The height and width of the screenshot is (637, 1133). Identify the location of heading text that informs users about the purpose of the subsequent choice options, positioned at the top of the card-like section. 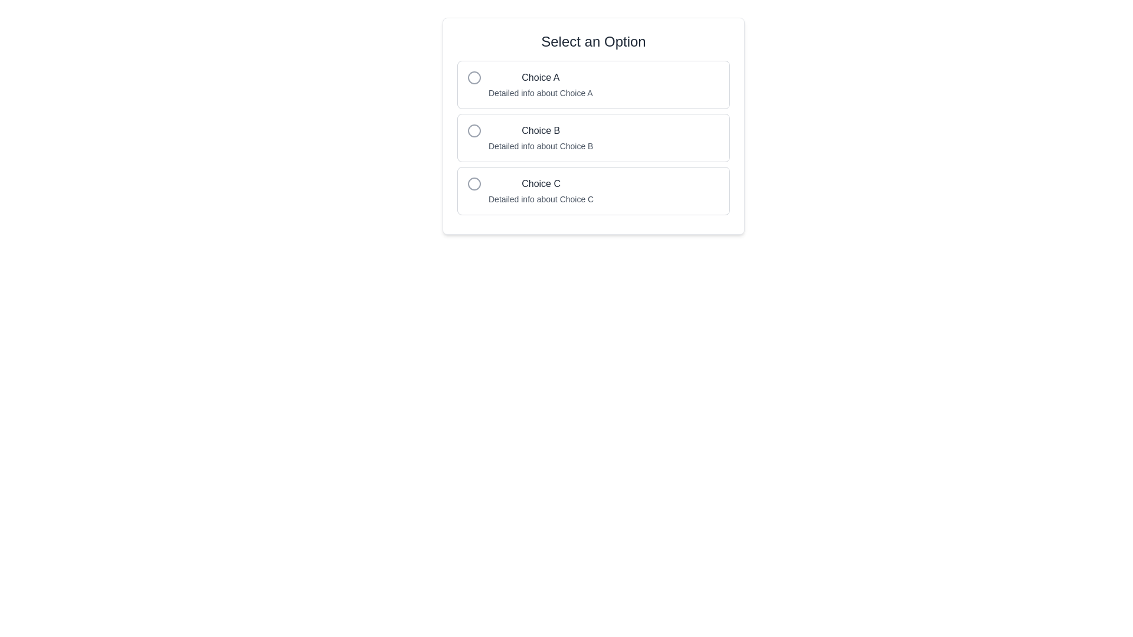
(594, 41).